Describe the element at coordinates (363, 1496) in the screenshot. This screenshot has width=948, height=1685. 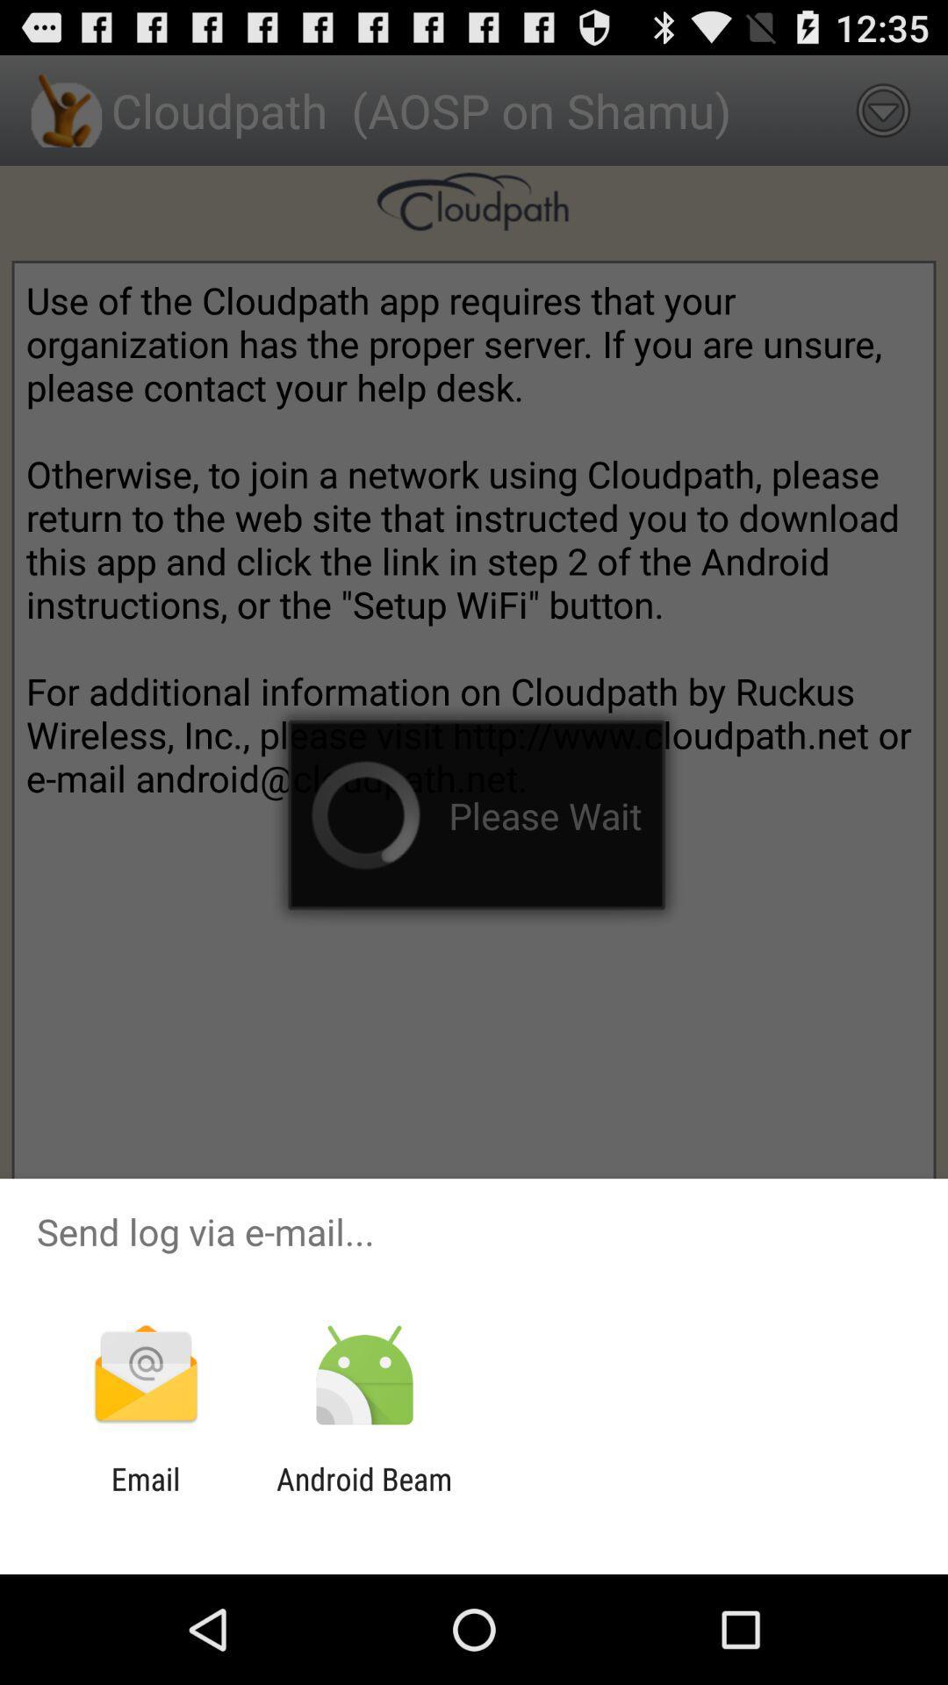
I see `the app next to the email icon` at that location.